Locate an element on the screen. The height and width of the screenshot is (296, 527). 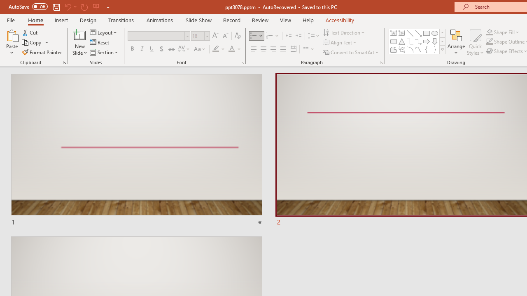
'Review' is located at coordinates (259, 20).